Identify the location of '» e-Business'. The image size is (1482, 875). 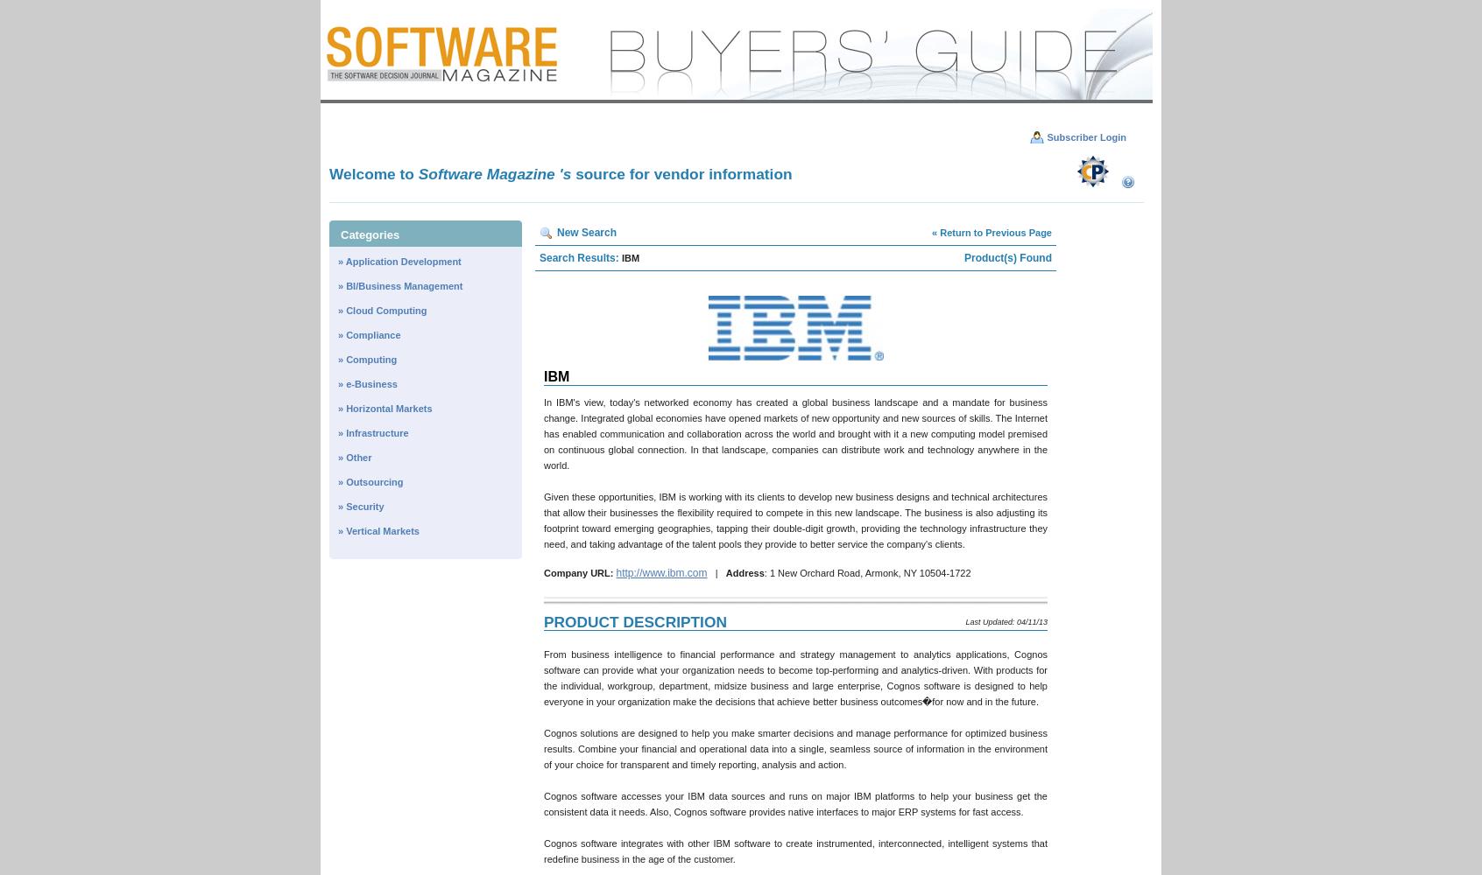
(367, 383).